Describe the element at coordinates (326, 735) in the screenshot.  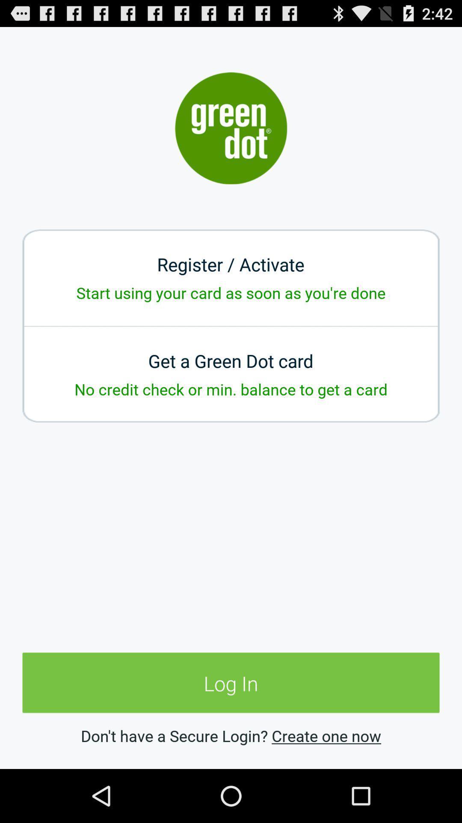
I see `create one now` at that location.